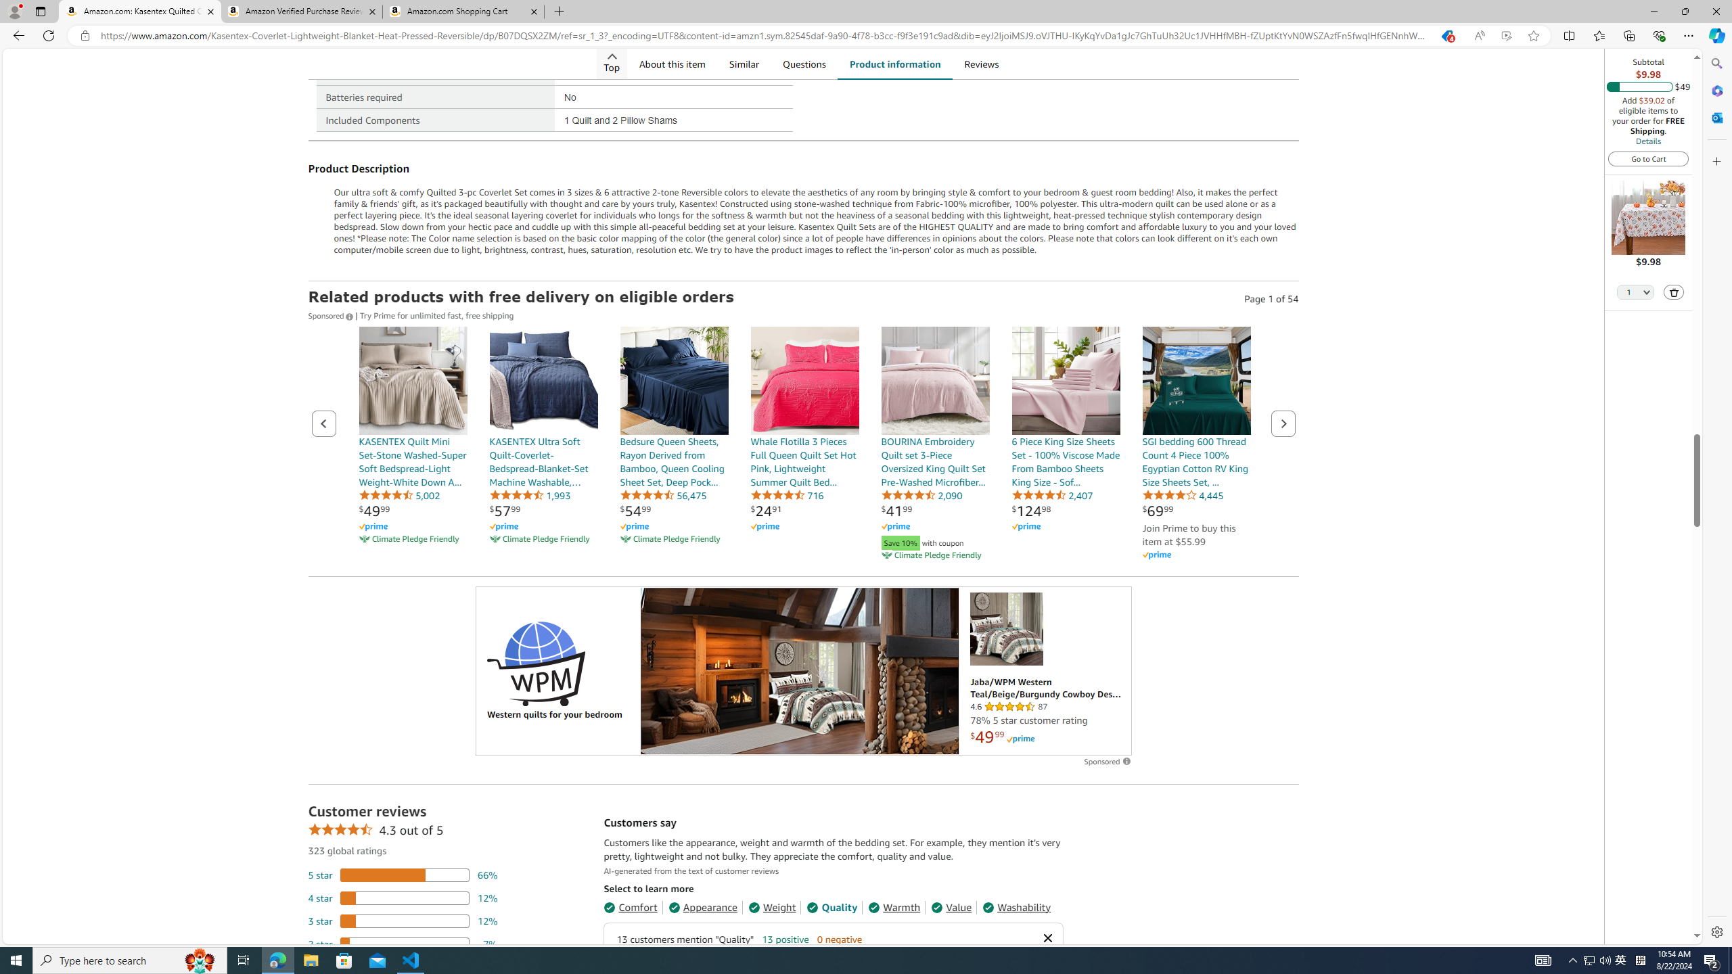 Image resolution: width=1732 pixels, height=974 pixels. I want to click on '66 percent of reviews have 5 stars', so click(403, 874).